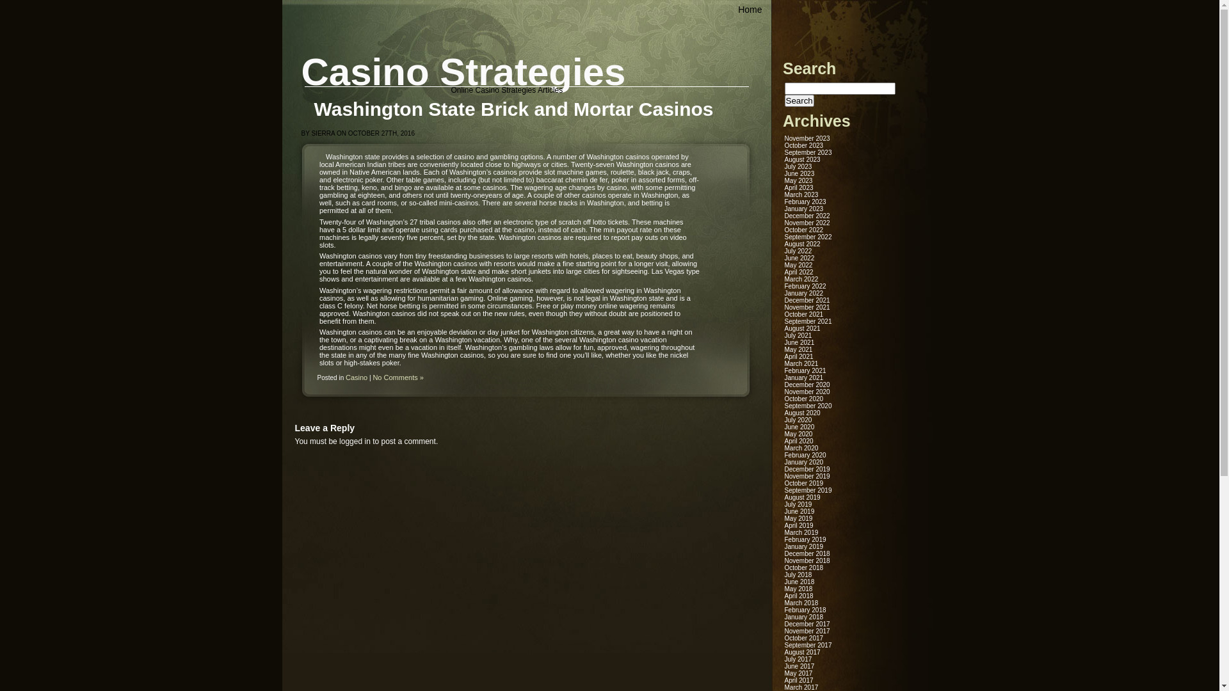 The width and height of the screenshot is (1229, 691). What do you see at coordinates (798, 659) in the screenshot?
I see `'July 2017'` at bounding box center [798, 659].